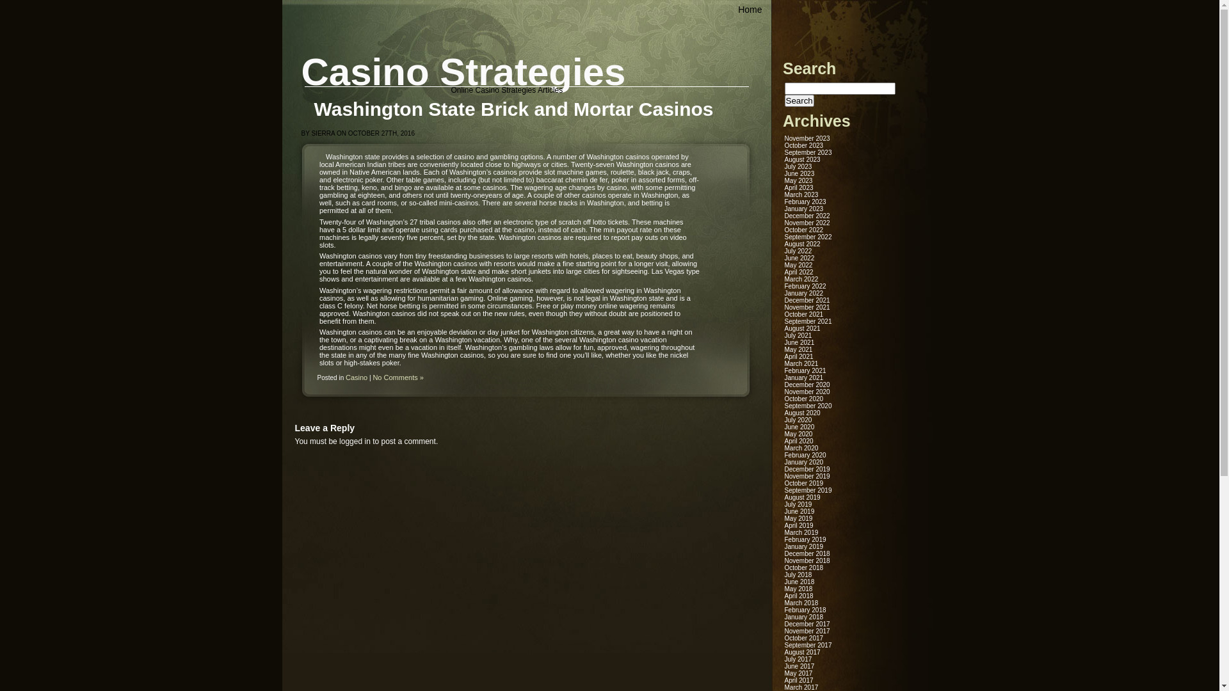 The width and height of the screenshot is (1229, 691). What do you see at coordinates (798, 659) in the screenshot?
I see `'July 2017'` at bounding box center [798, 659].